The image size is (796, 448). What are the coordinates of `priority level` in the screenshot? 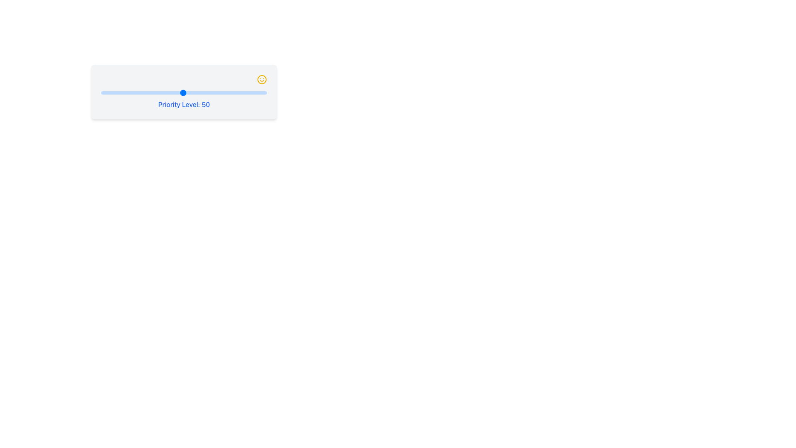 It's located at (169, 93).